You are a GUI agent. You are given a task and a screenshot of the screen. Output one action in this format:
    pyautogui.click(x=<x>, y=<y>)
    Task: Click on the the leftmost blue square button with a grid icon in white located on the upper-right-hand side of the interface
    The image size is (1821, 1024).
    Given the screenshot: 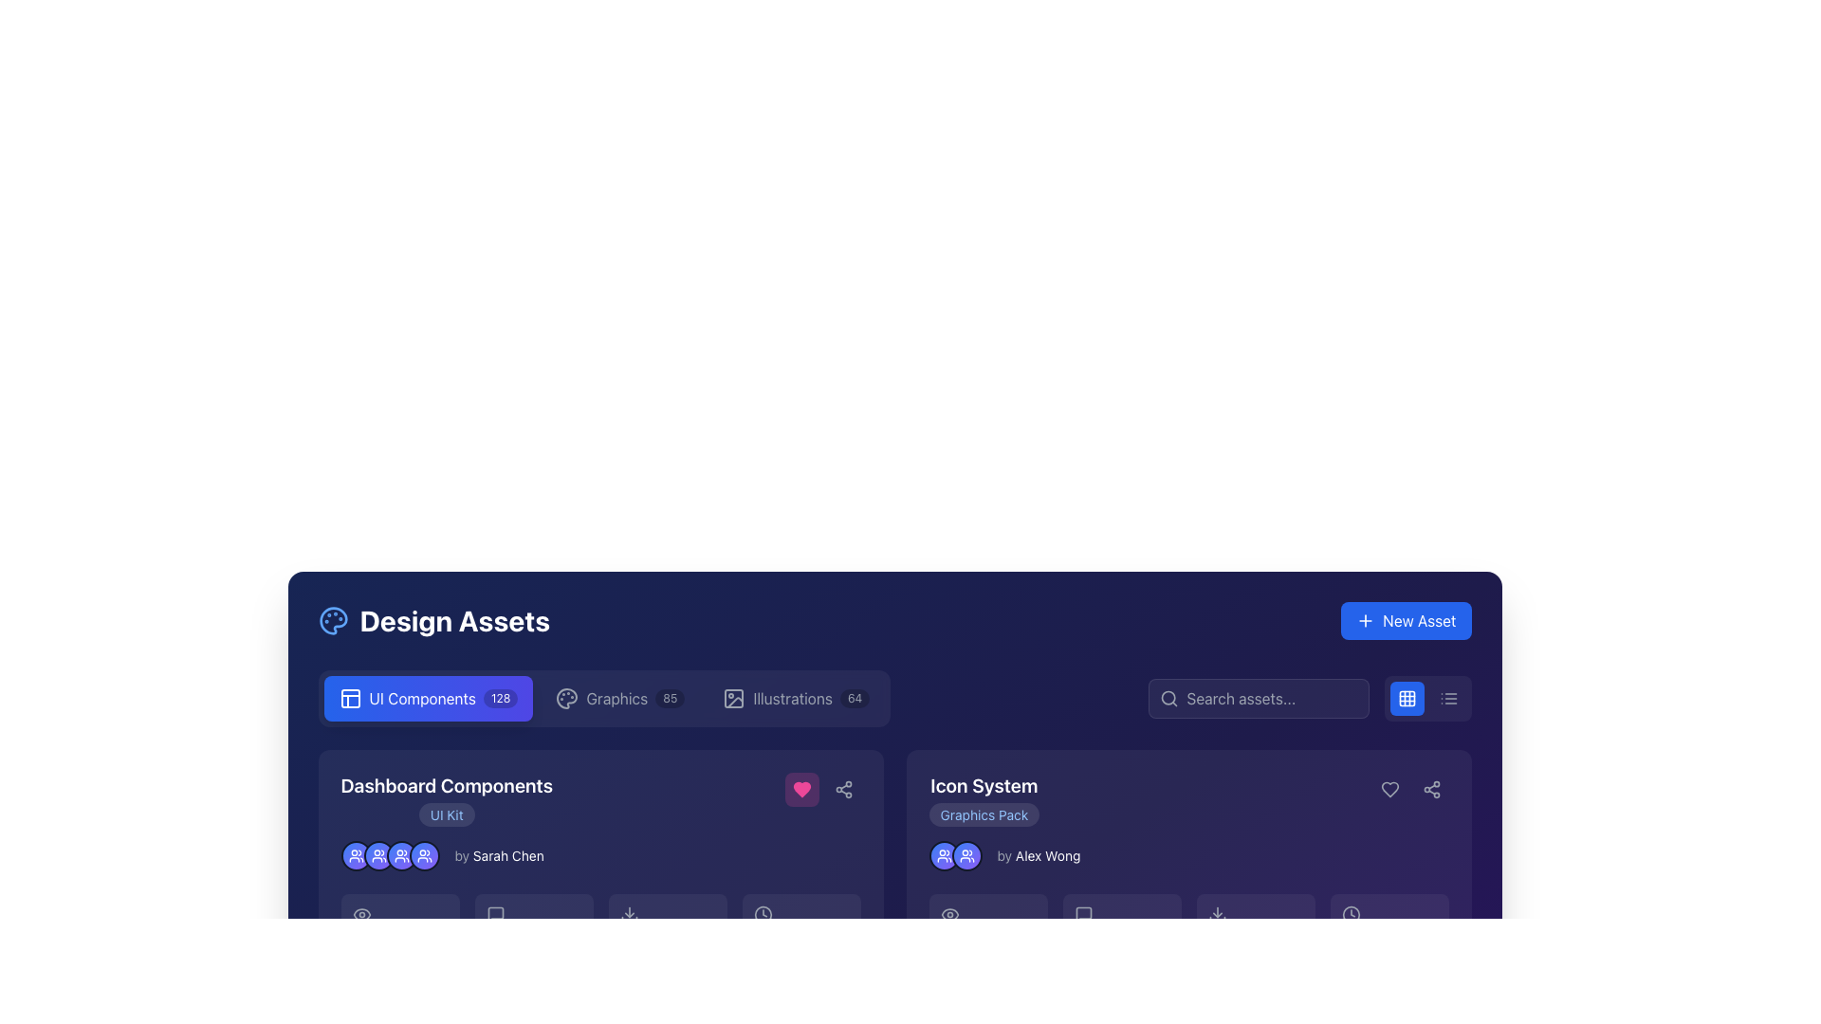 What is the action you would take?
    pyautogui.click(x=1407, y=698)
    